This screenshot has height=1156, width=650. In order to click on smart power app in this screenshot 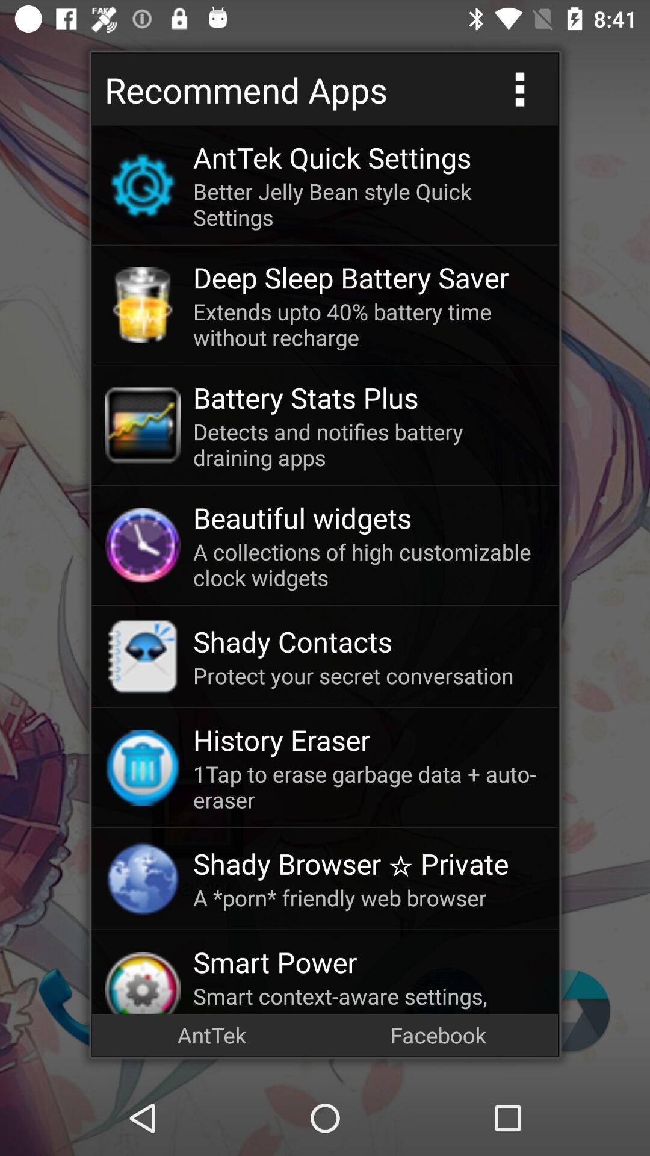, I will do `click(368, 961)`.